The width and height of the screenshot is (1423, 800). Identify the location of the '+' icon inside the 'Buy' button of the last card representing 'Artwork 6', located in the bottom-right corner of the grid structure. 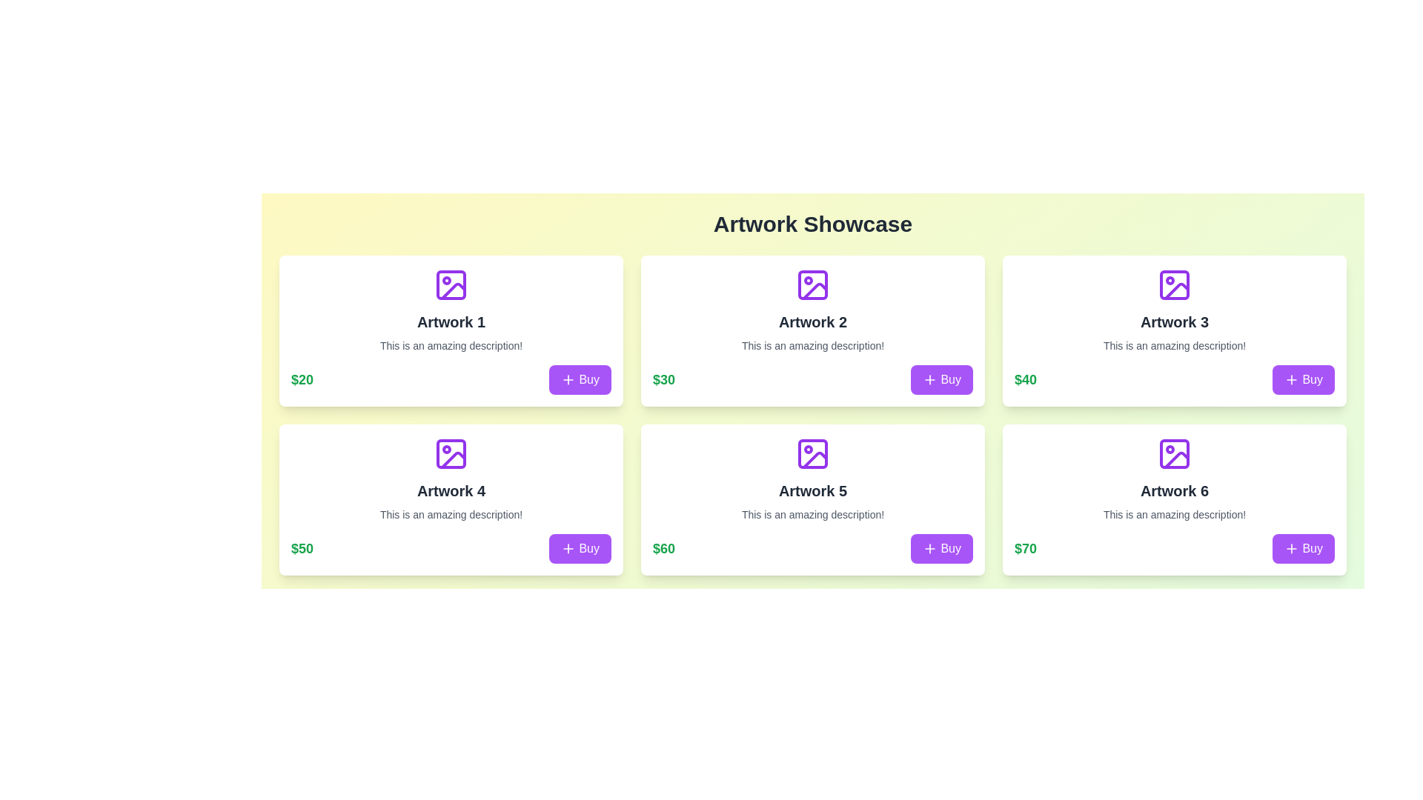
(1291, 548).